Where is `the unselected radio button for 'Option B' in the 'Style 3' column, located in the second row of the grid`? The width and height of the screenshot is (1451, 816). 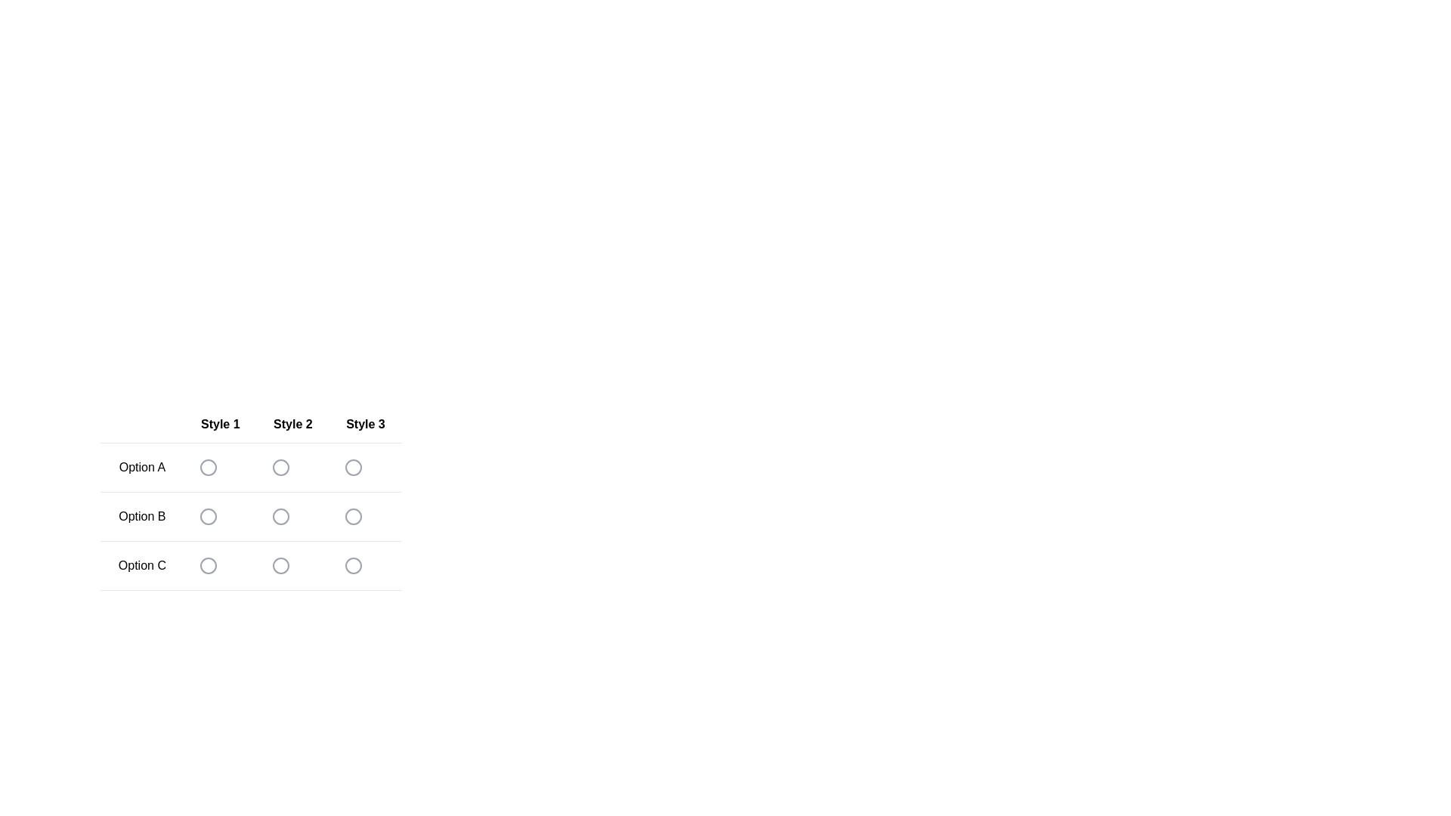
the unselected radio button for 'Option B' in the 'Style 3' column, located in the second row of the grid is located at coordinates (352, 515).